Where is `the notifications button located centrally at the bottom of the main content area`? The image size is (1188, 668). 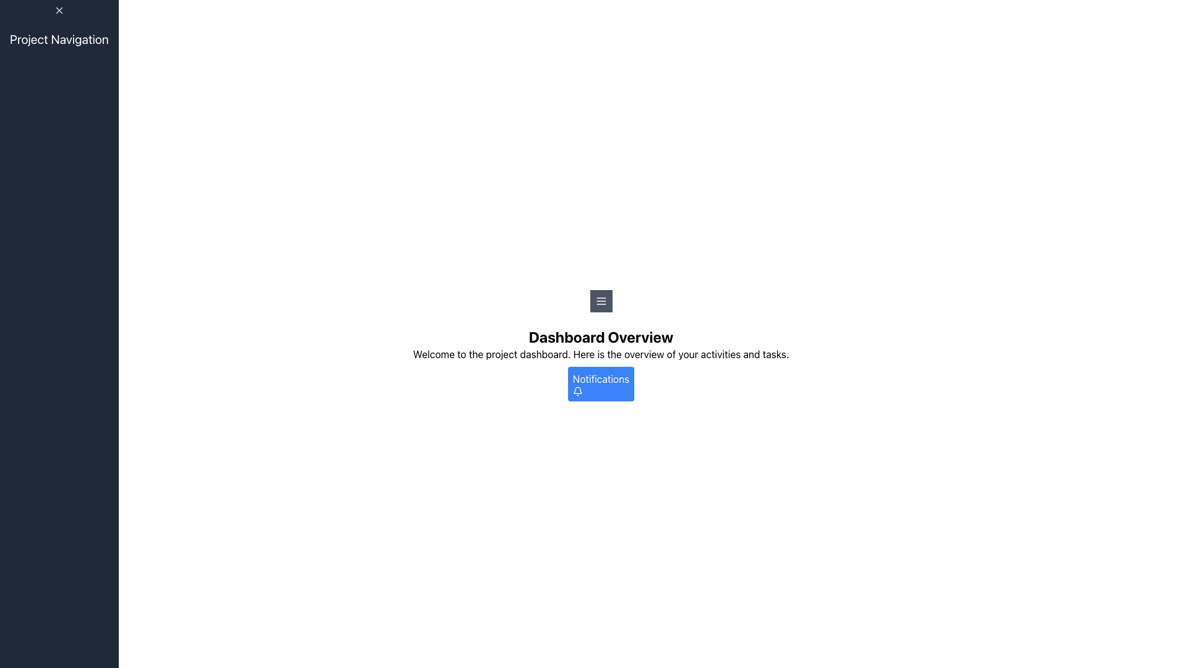 the notifications button located centrally at the bottom of the main content area is located at coordinates (601, 383).